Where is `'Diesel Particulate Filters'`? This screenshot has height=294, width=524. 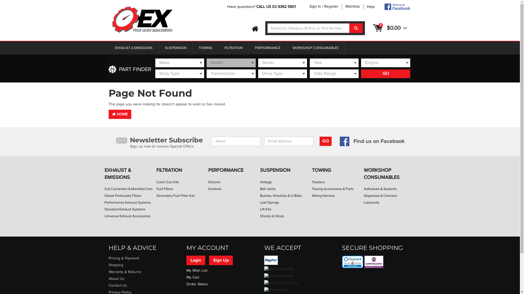
'Diesel Particulate Filters' is located at coordinates (122, 195).